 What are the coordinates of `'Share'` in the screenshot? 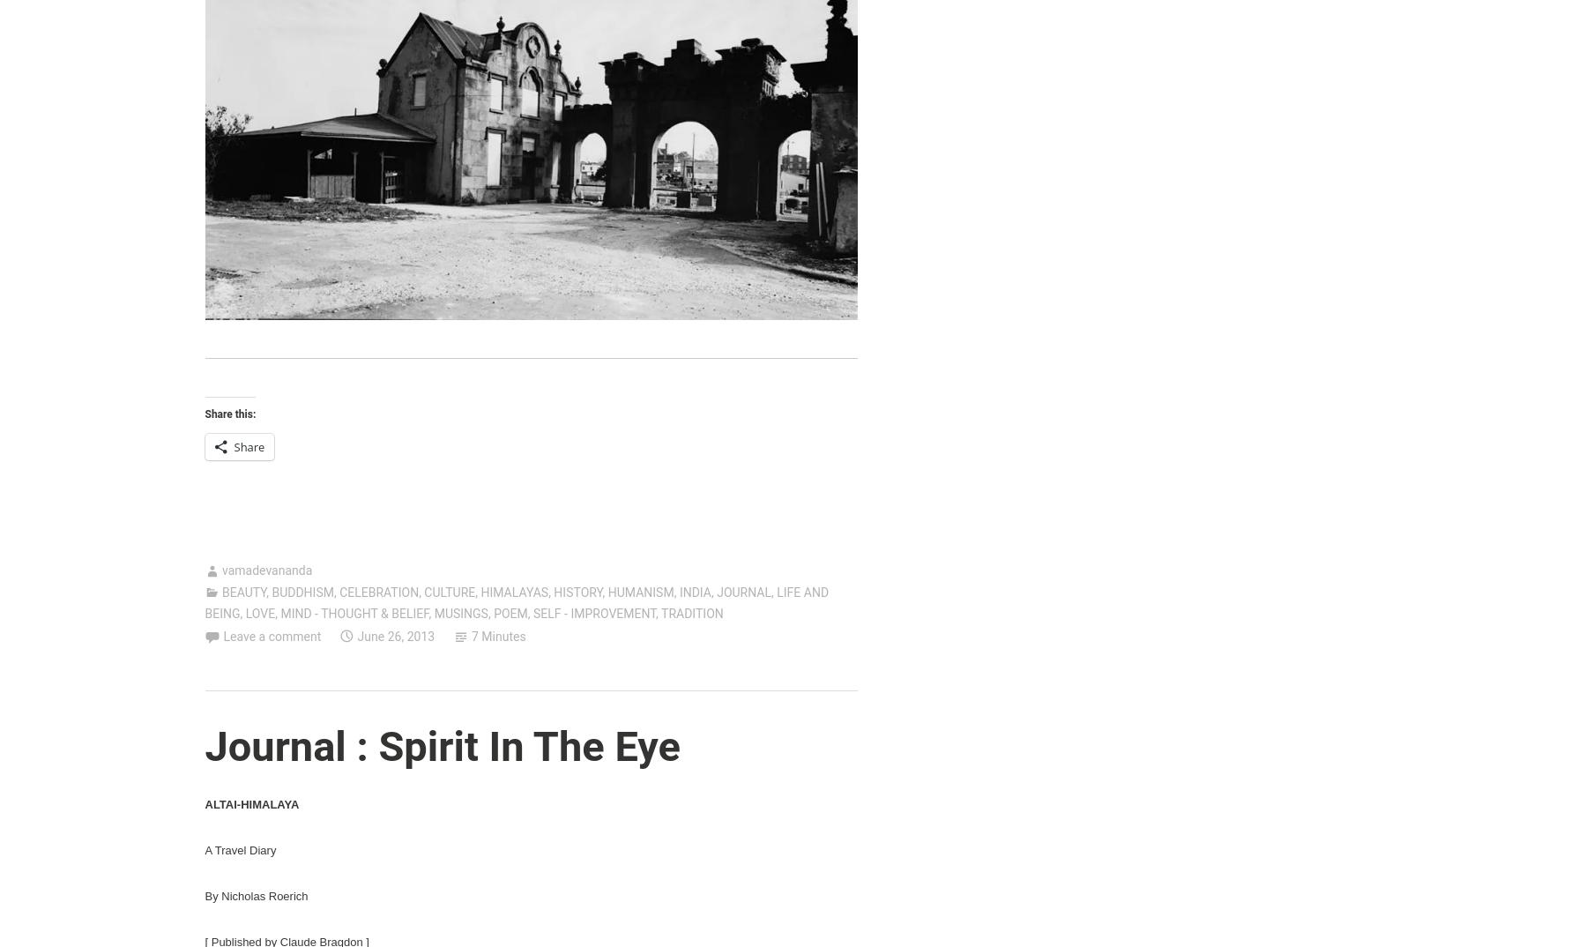 It's located at (248, 447).